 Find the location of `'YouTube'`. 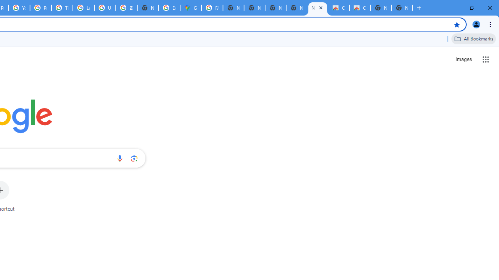

'YouTube' is located at coordinates (19, 8).